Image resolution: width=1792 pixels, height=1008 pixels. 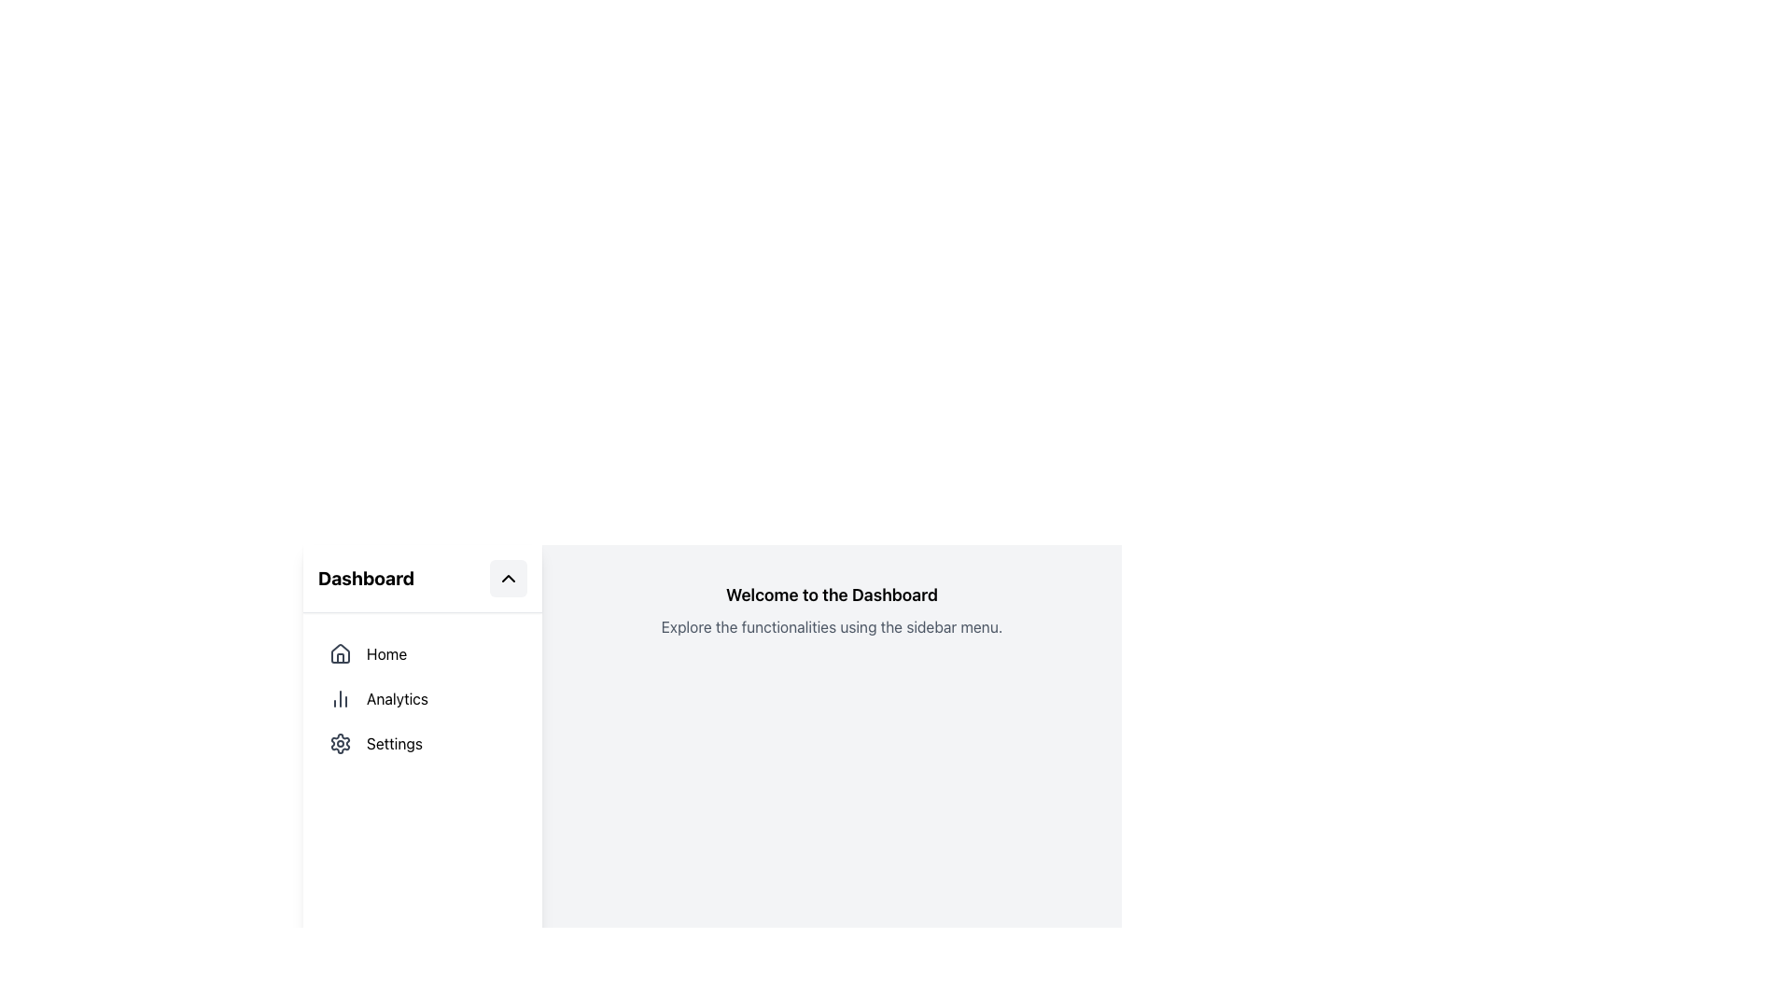 What do you see at coordinates (340, 743) in the screenshot?
I see `the gear-like settings icon located in the left vertical sidebar` at bounding box center [340, 743].